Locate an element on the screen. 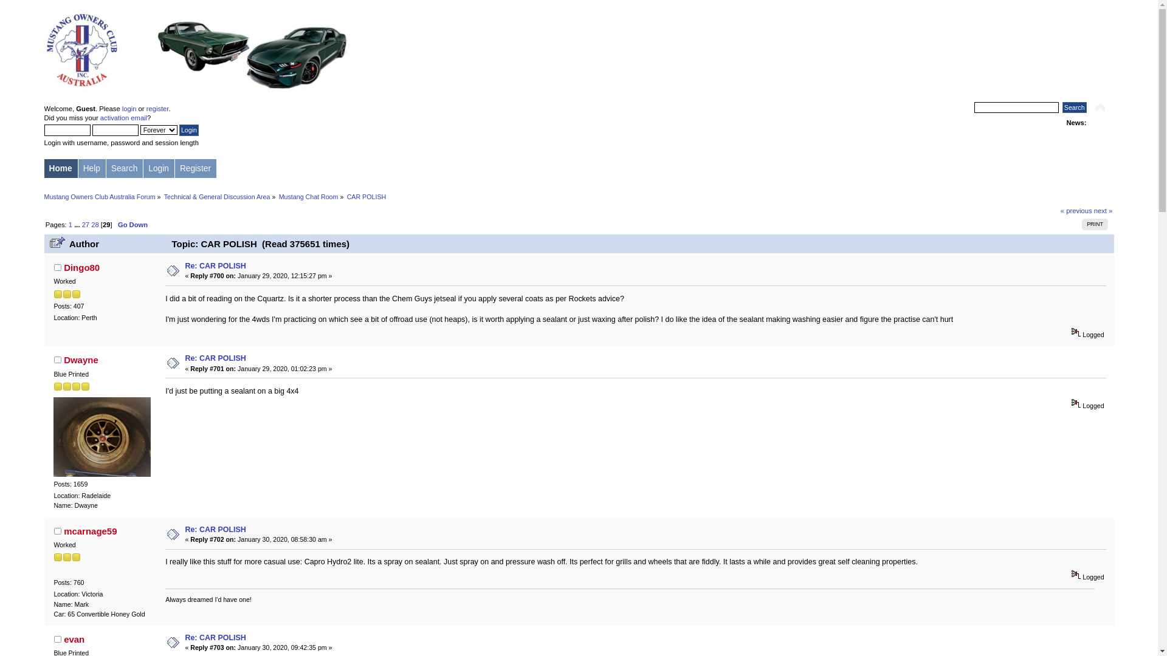 This screenshot has width=1167, height=656. '27' is located at coordinates (84, 225).